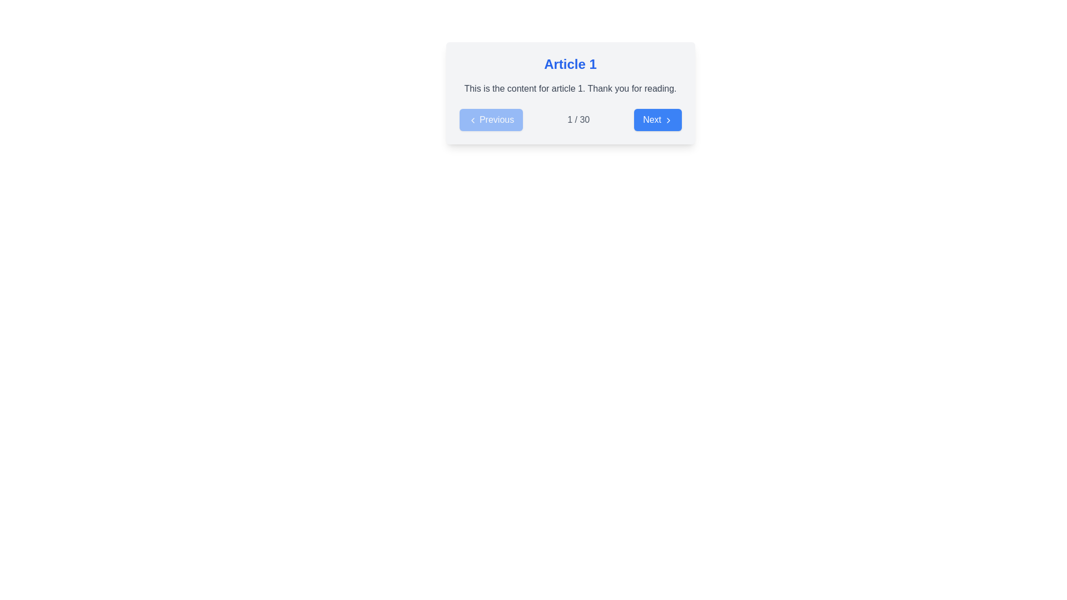 This screenshot has width=1067, height=600. I want to click on the 'Previous' button located in the bottom left corner of the navigation panel, so click(490, 120).